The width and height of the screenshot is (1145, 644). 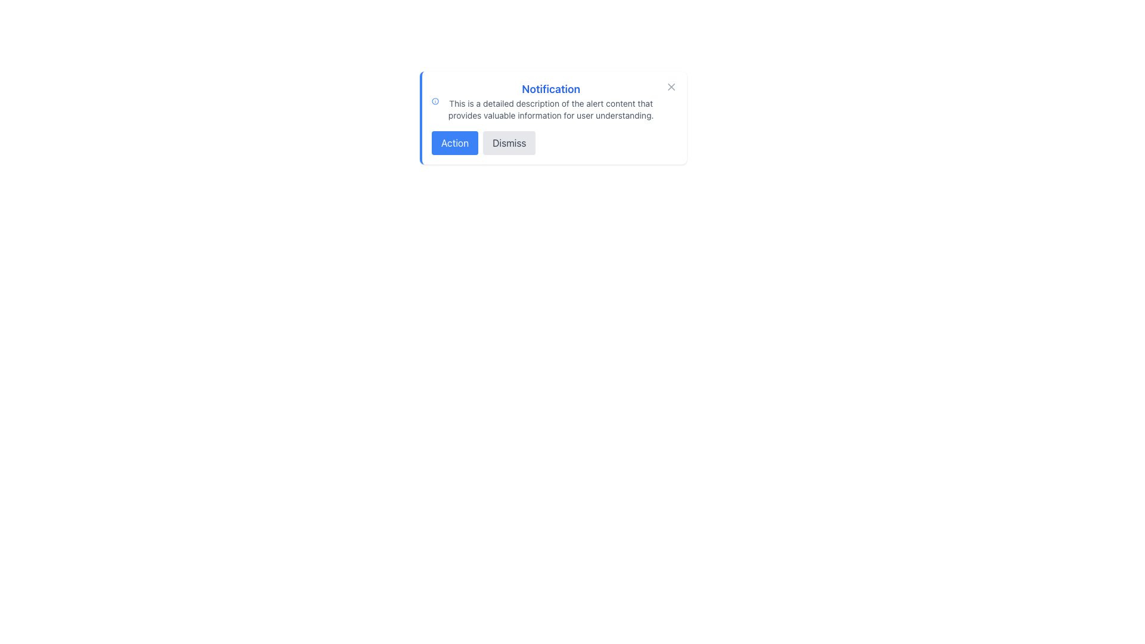 I want to click on the group of buttons labeled 'Action' and 'Dismiss', so click(x=554, y=142).